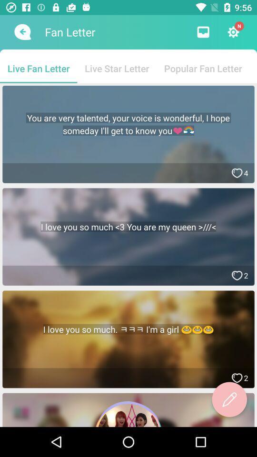  I want to click on the settings icon, so click(233, 32).